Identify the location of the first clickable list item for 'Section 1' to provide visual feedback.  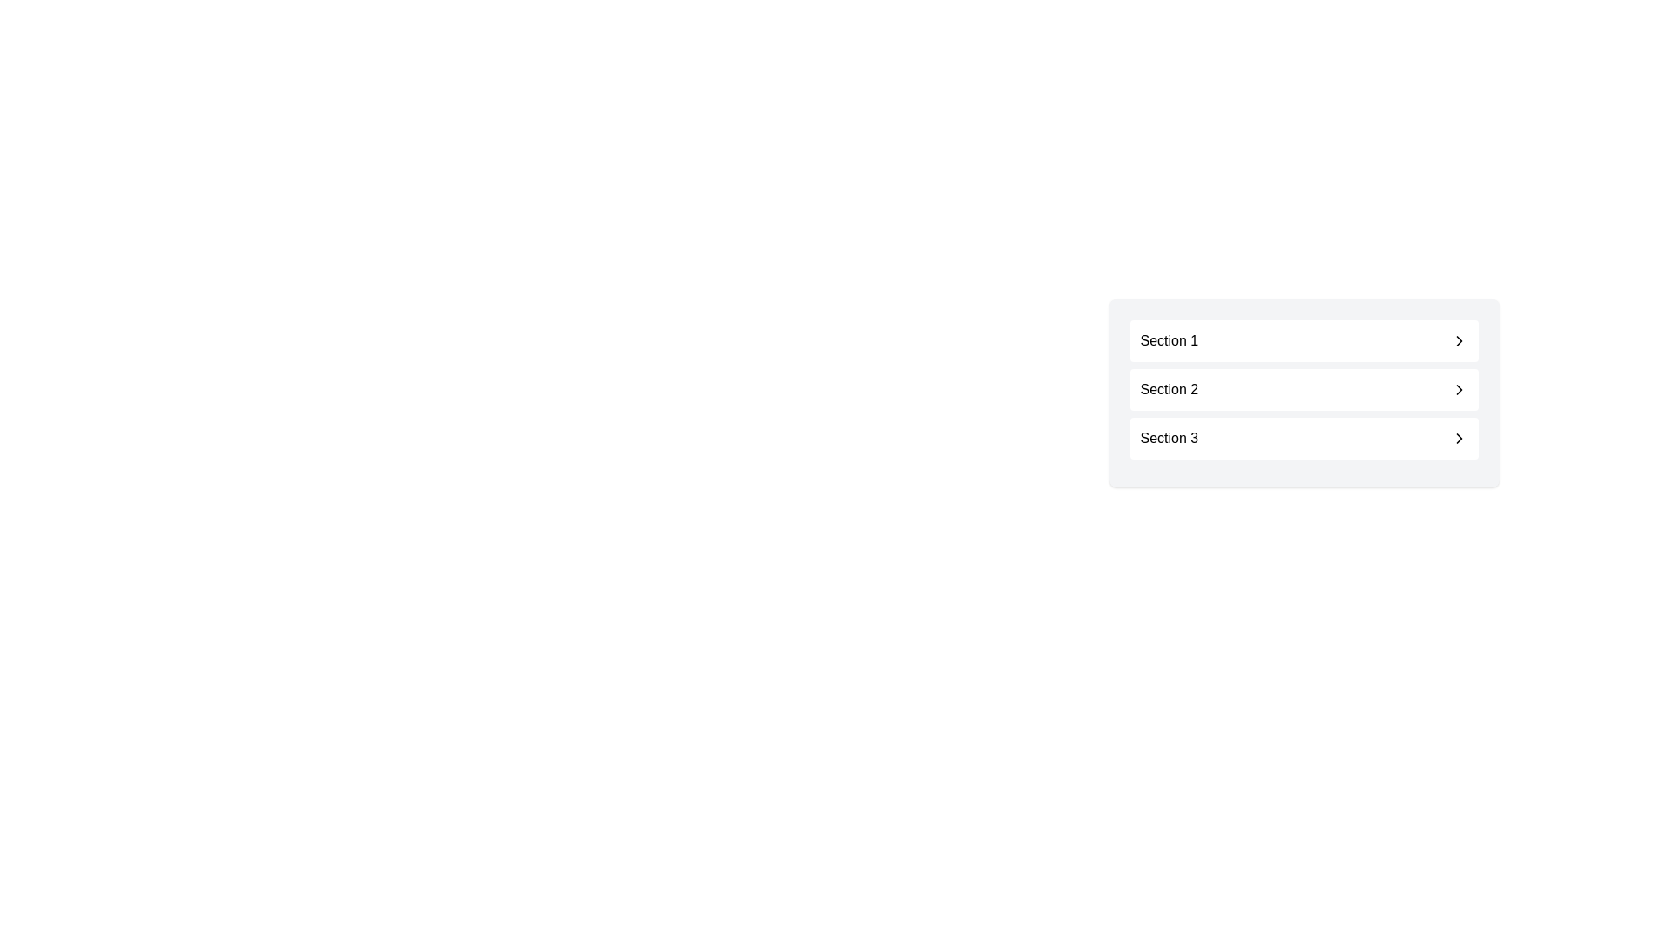
(1304, 341).